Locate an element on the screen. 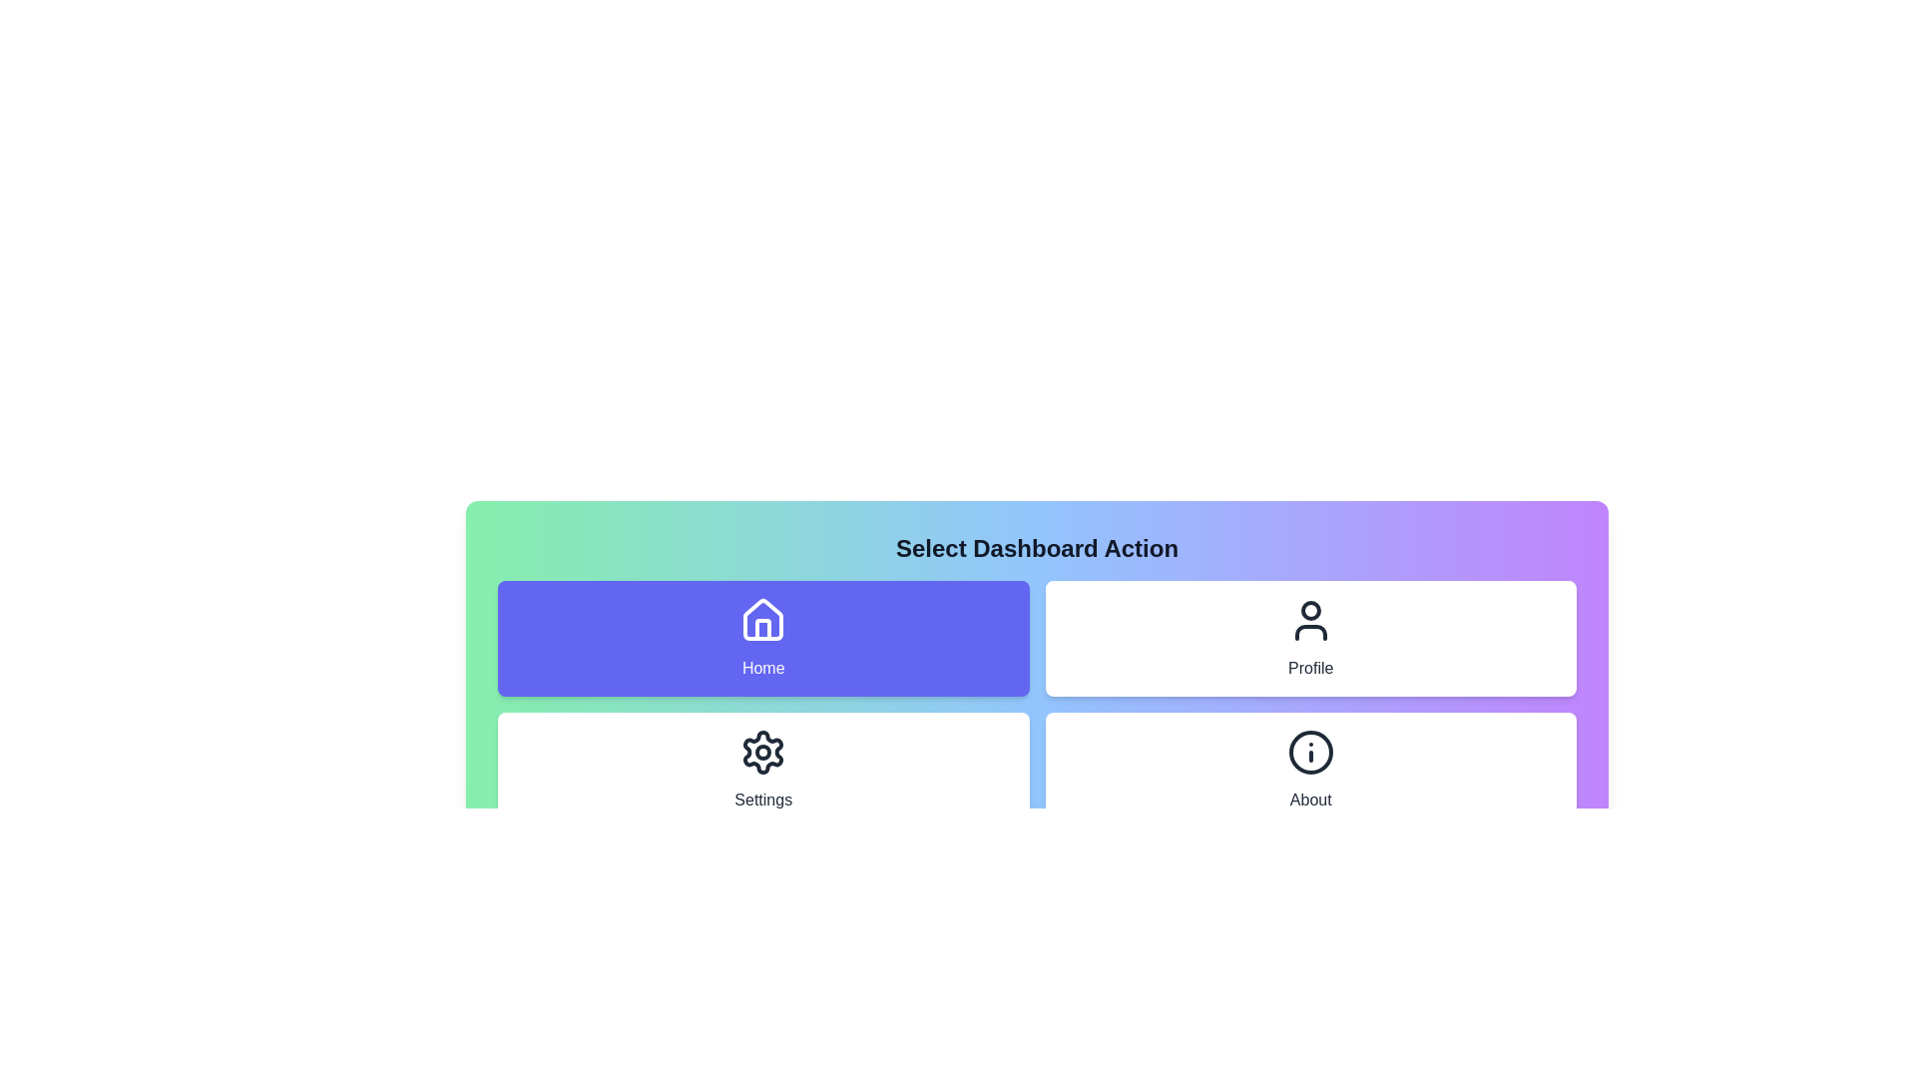 Image resolution: width=1916 pixels, height=1078 pixels. the Profile button to observe its visual effect is located at coordinates (1311, 639).